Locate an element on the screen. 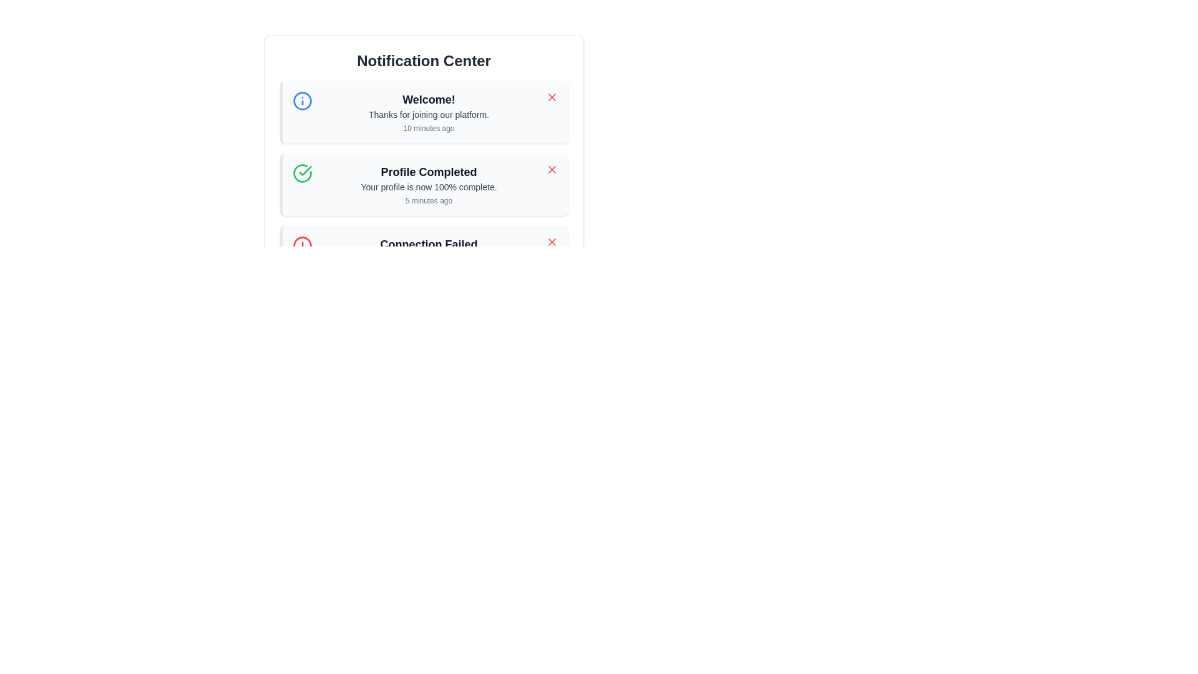  the textual notification entry that informs the user about a failed connection attempt, which is the last visible item in the notification list is located at coordinates (429, 256).